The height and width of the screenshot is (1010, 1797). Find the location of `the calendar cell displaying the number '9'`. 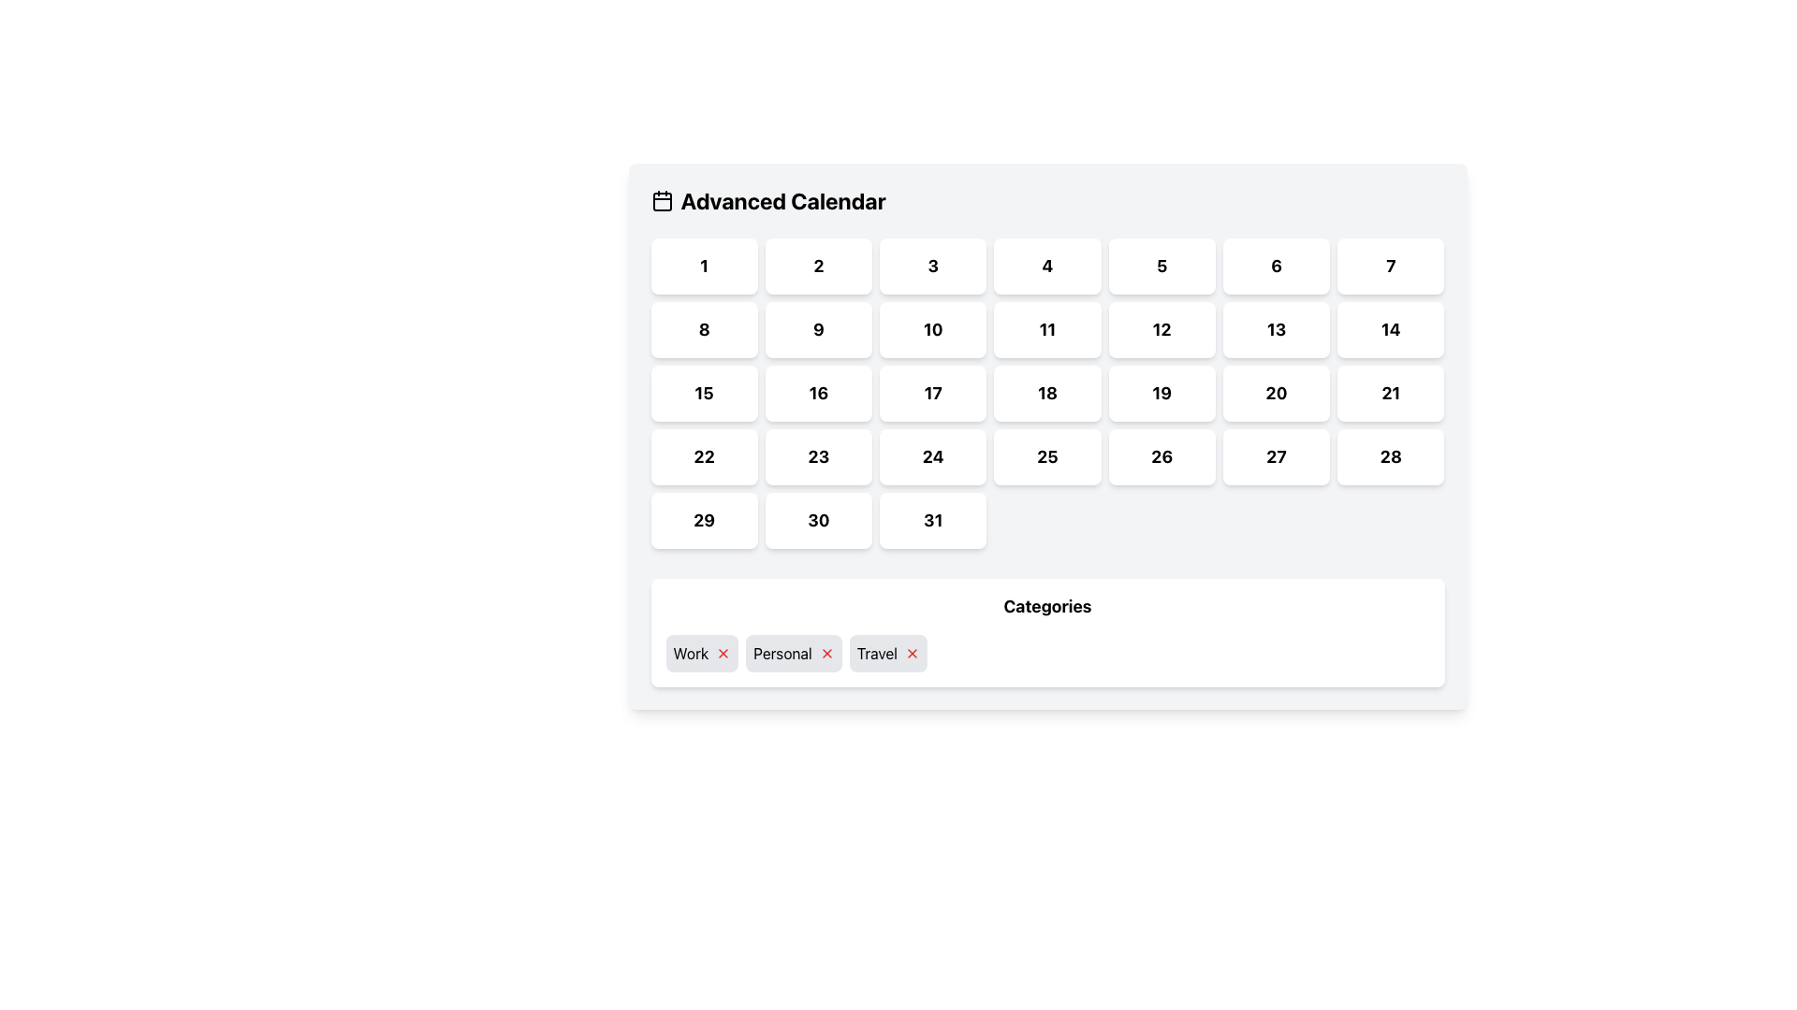

the calendar cell displaying the number '9' is located at coordinates (818, 329).